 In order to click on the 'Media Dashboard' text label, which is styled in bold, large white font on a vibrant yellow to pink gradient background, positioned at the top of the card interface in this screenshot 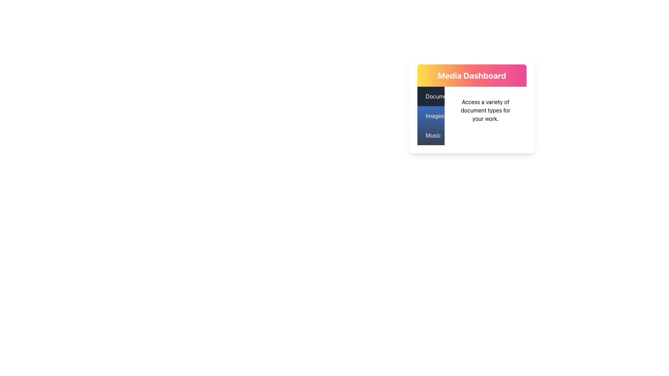, I will do `click(472, 75)`.